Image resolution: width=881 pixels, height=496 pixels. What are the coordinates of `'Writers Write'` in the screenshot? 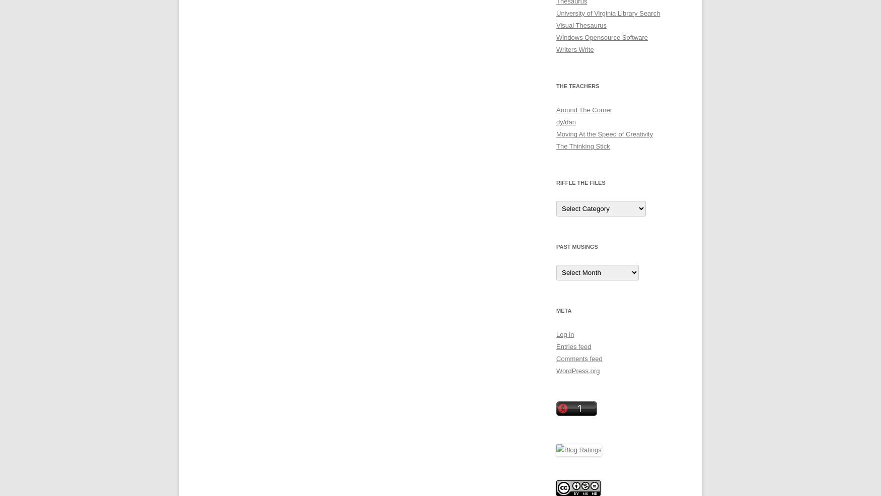 It's located at (574, 49).